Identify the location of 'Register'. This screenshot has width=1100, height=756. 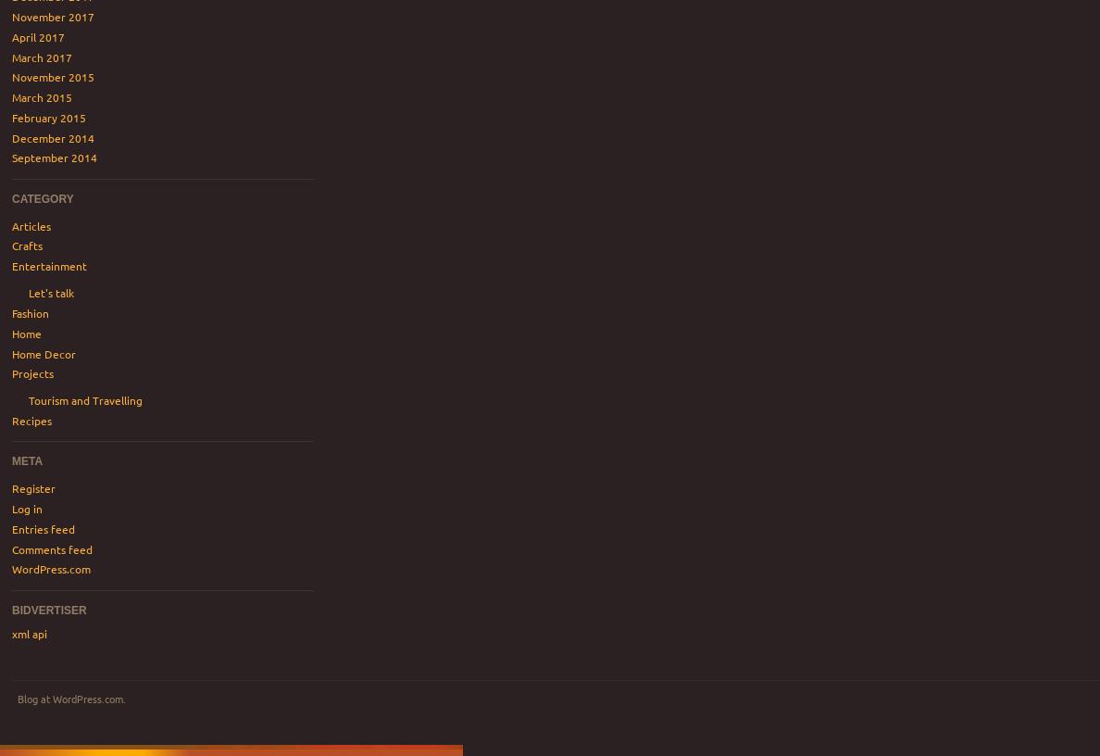
(10, 487).